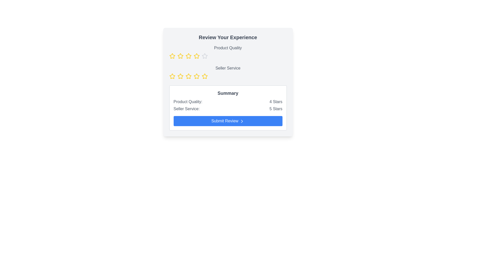 This screenshot has width=486, height=273. I want to click on the fourth rating star for 'Product Quality', so click(188, 56).